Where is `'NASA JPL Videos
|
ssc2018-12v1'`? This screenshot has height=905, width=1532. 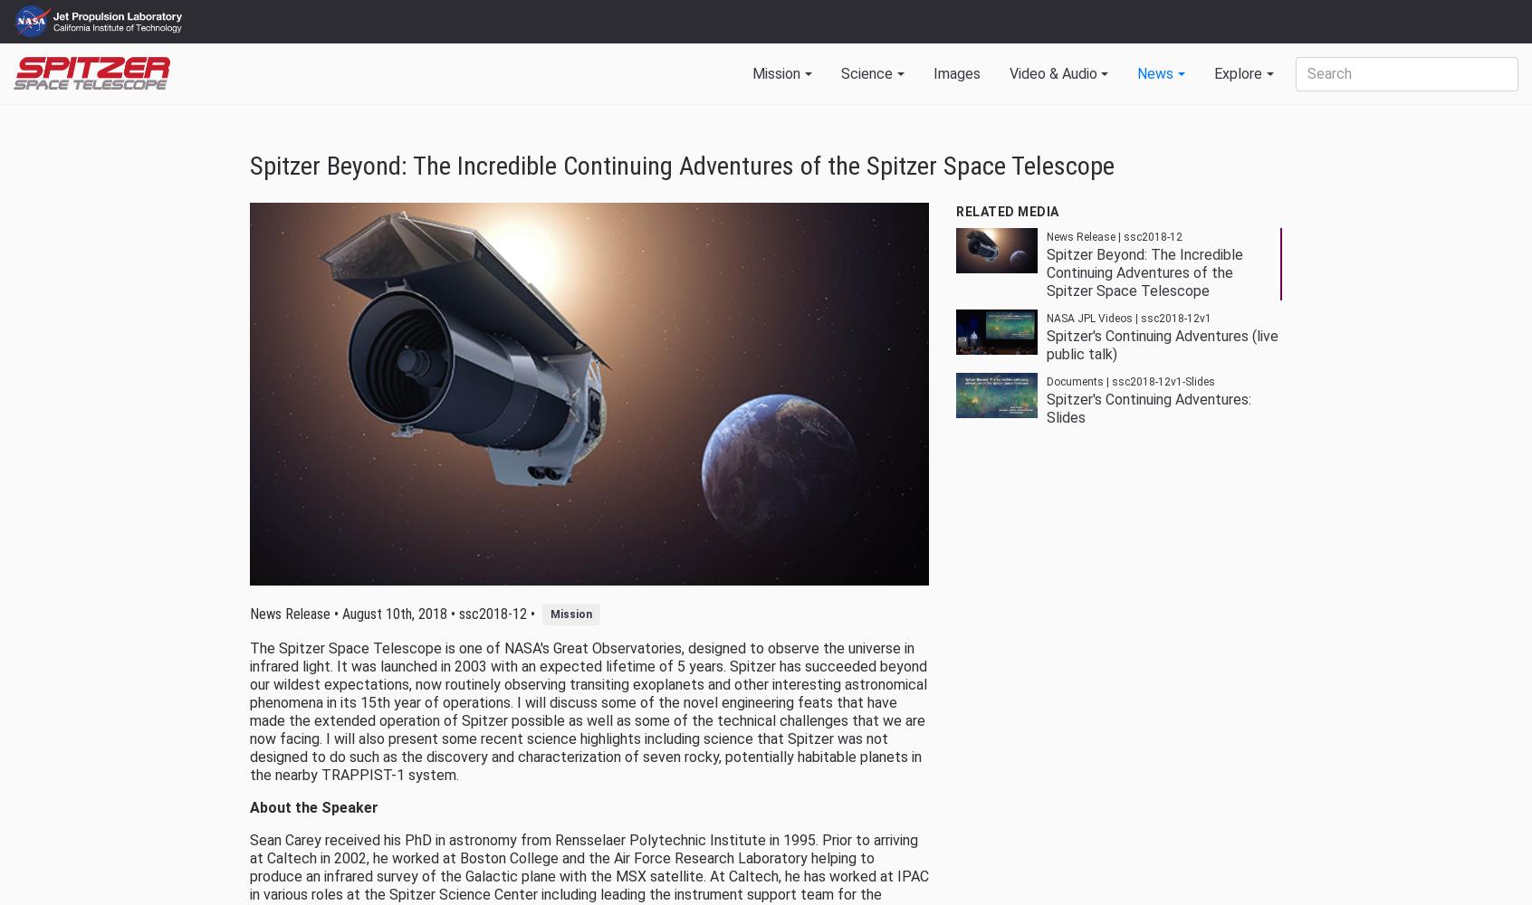
'NASA JPL Videos
|
ssc2018-12v1' is located at coordinates (1127, 318).